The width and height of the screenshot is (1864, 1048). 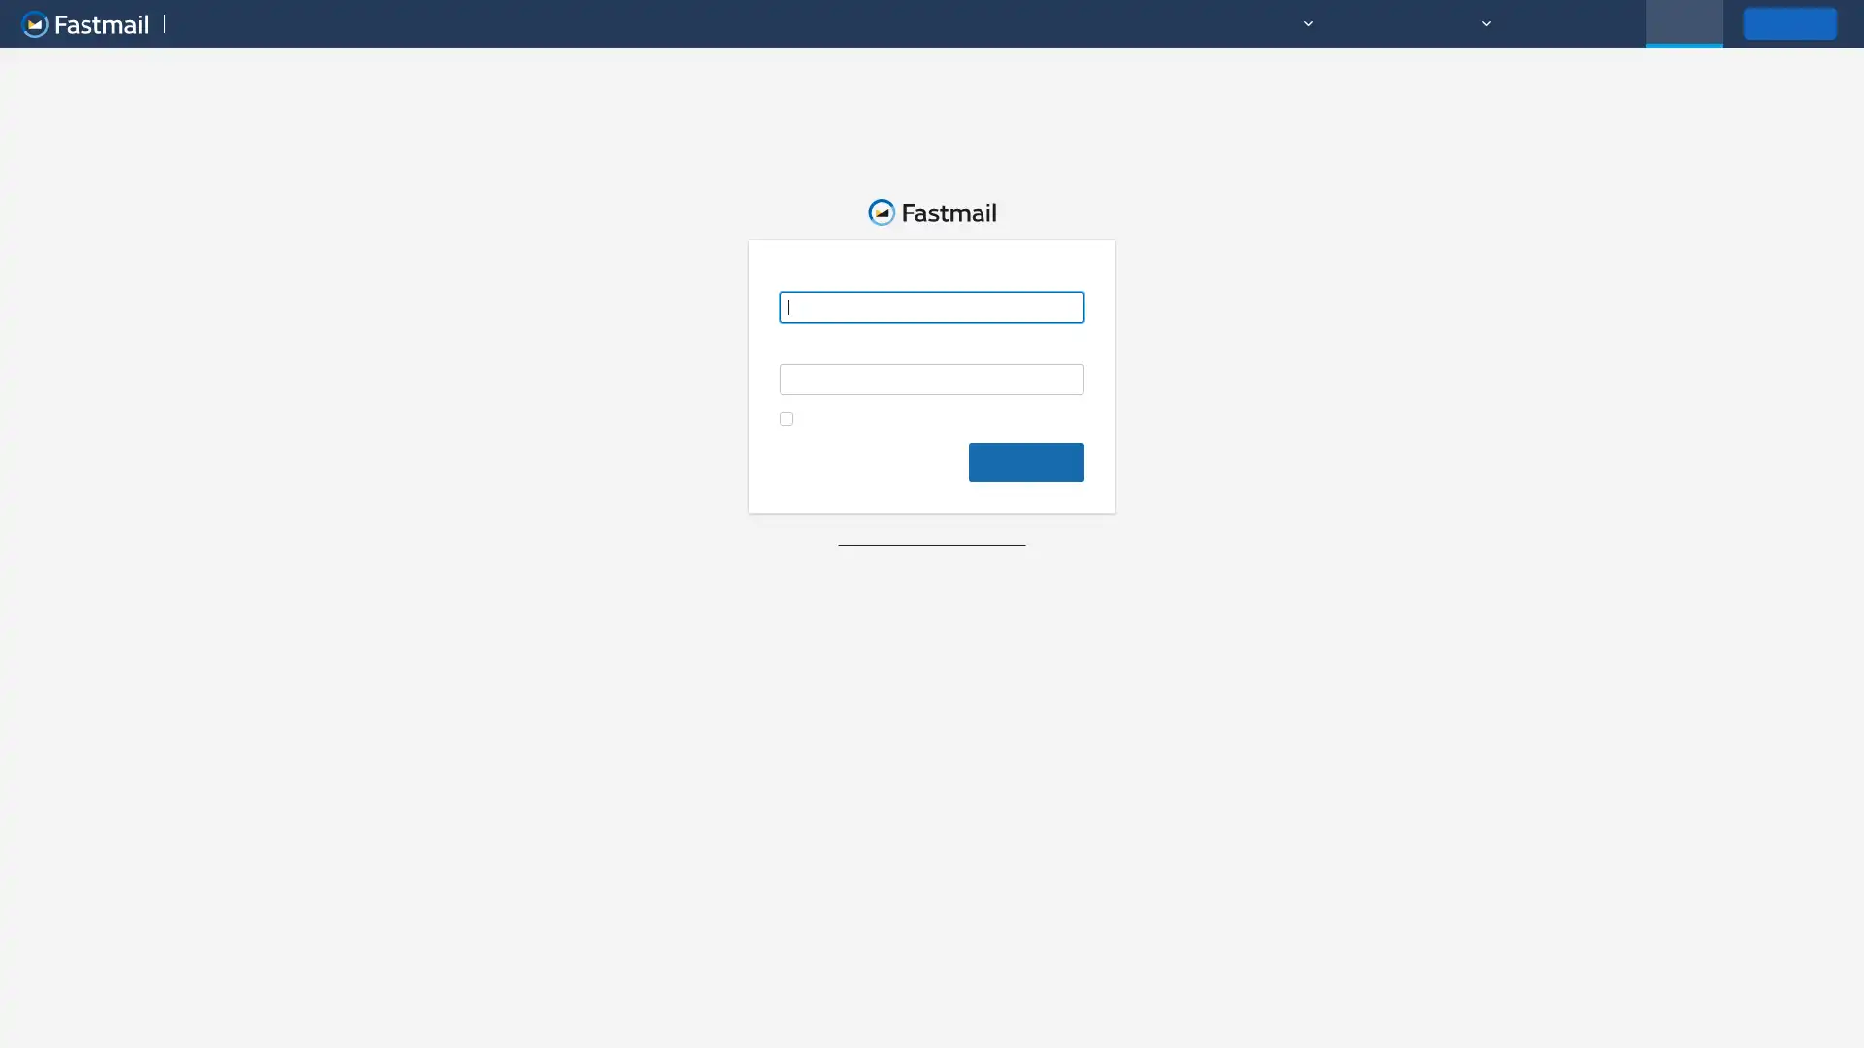 I want to click on Log in, so click(x=1032, y=463).